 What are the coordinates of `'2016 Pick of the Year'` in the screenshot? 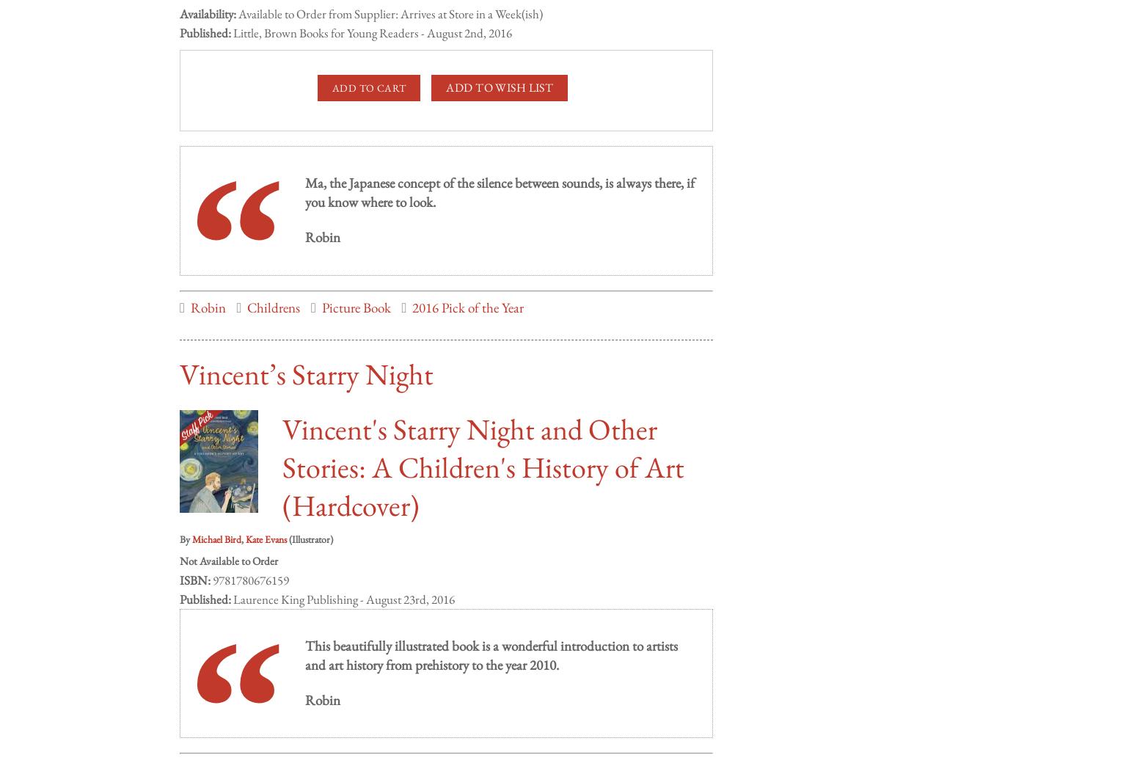 It's located at (412, 293).